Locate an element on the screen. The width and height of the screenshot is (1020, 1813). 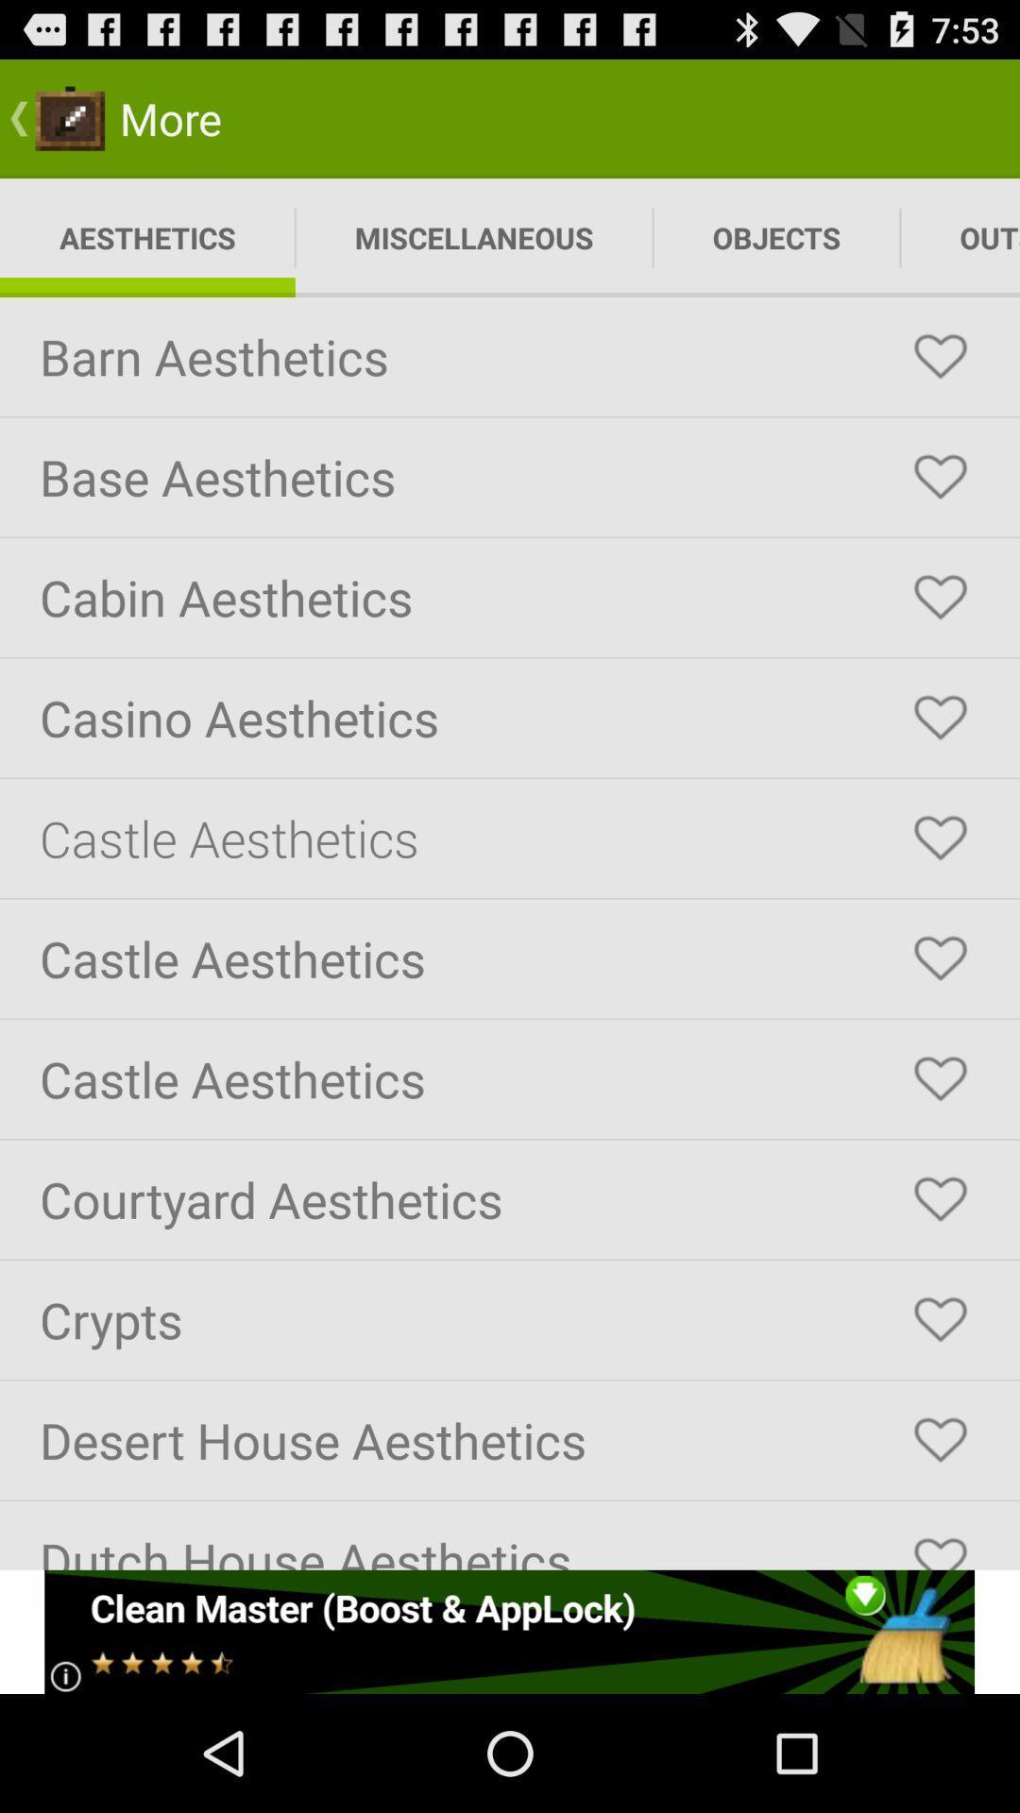
item is located at coordinates (940, 597).